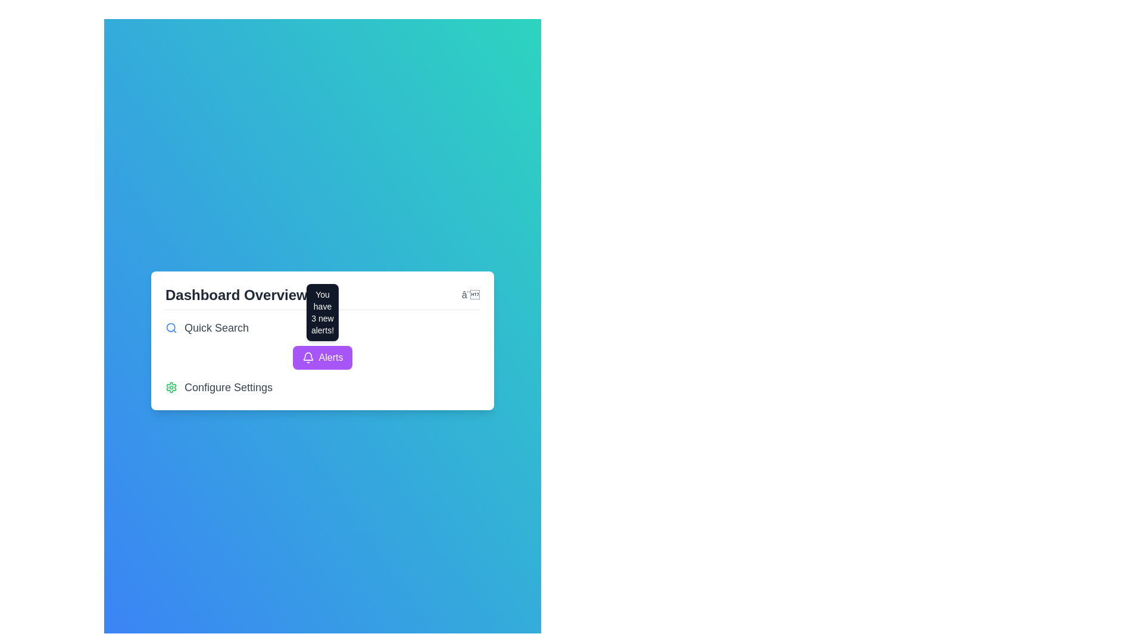 The height and width of the screenshot is (643, 1143). Describe the element at coordinates (171, 387) in the screenshot. I see `the green gear icon that signifies settings` at that location.